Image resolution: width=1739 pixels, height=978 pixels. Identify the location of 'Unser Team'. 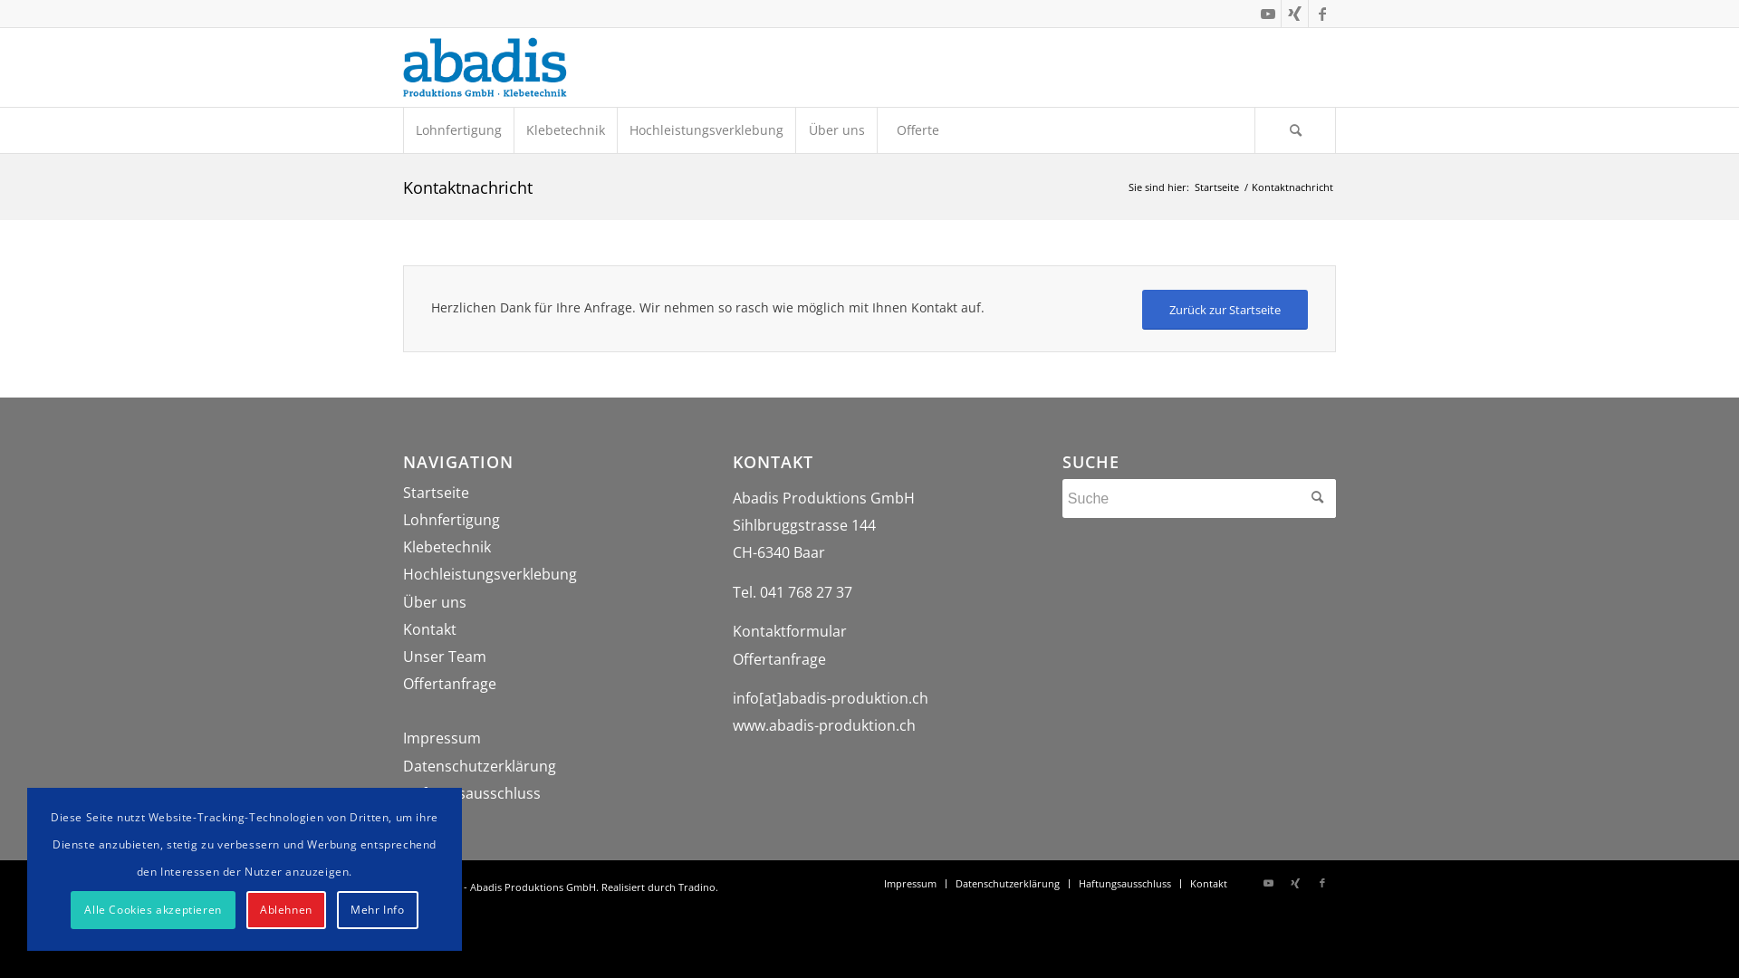
(444, 657).